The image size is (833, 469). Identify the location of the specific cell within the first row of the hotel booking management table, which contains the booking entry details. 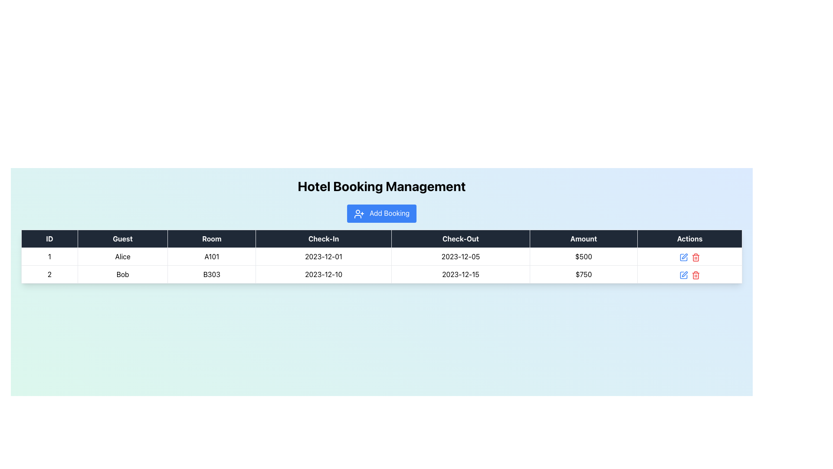
(381, 256).